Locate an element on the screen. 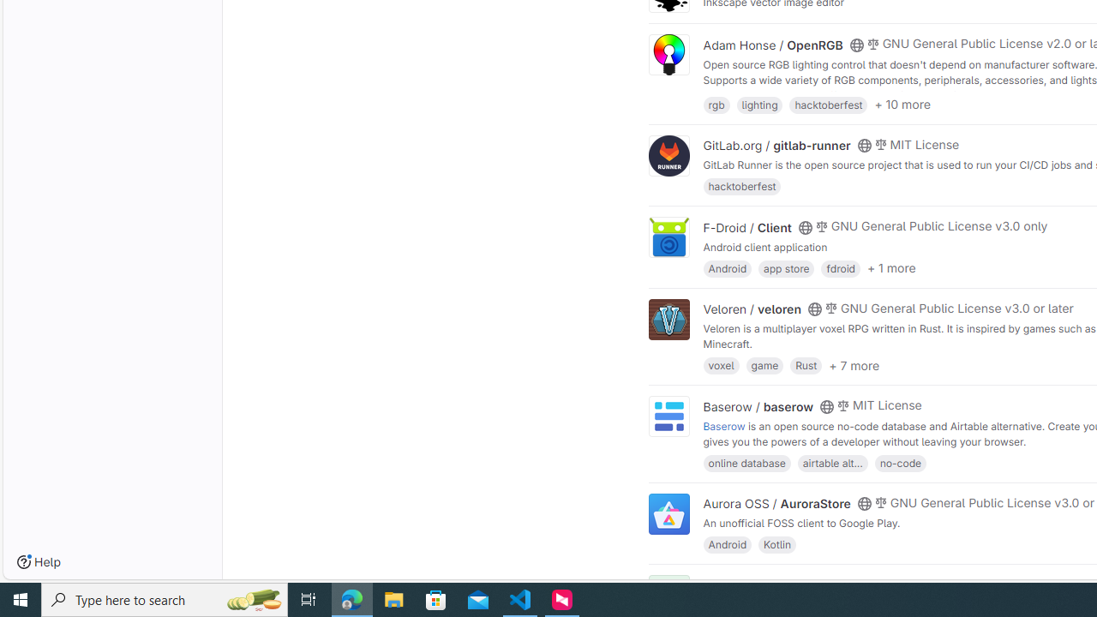 This screenshot has width=1097, height=617. '+ 10 more' is located at coordinates (902, 105).